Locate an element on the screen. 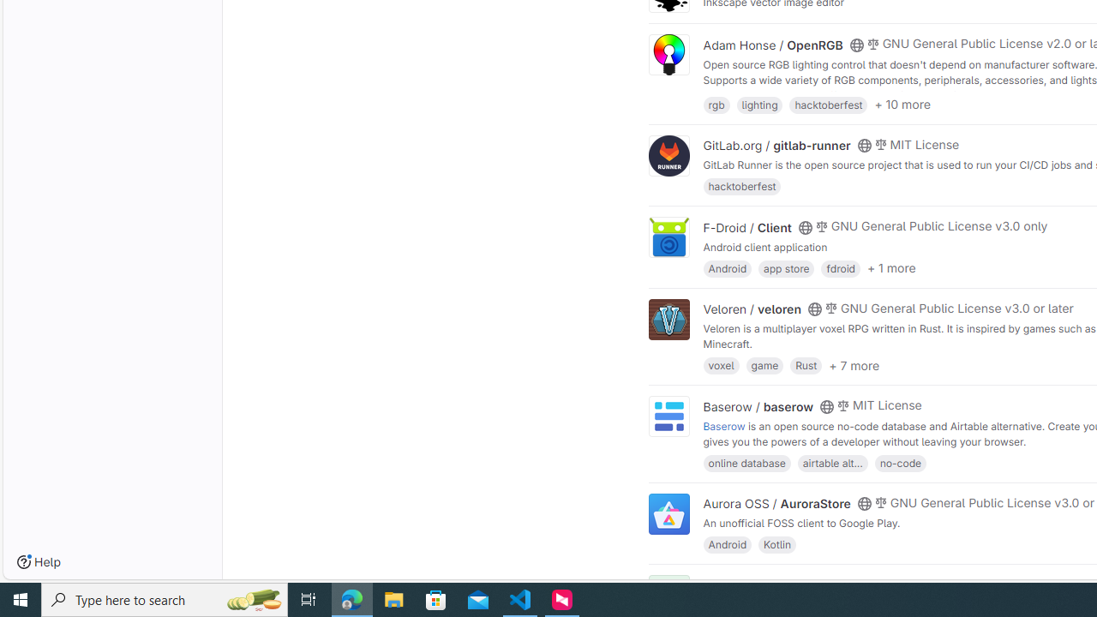 This screenshot has width=1097, height=617. '+ 10 more' is located at coordinates (902, 105).